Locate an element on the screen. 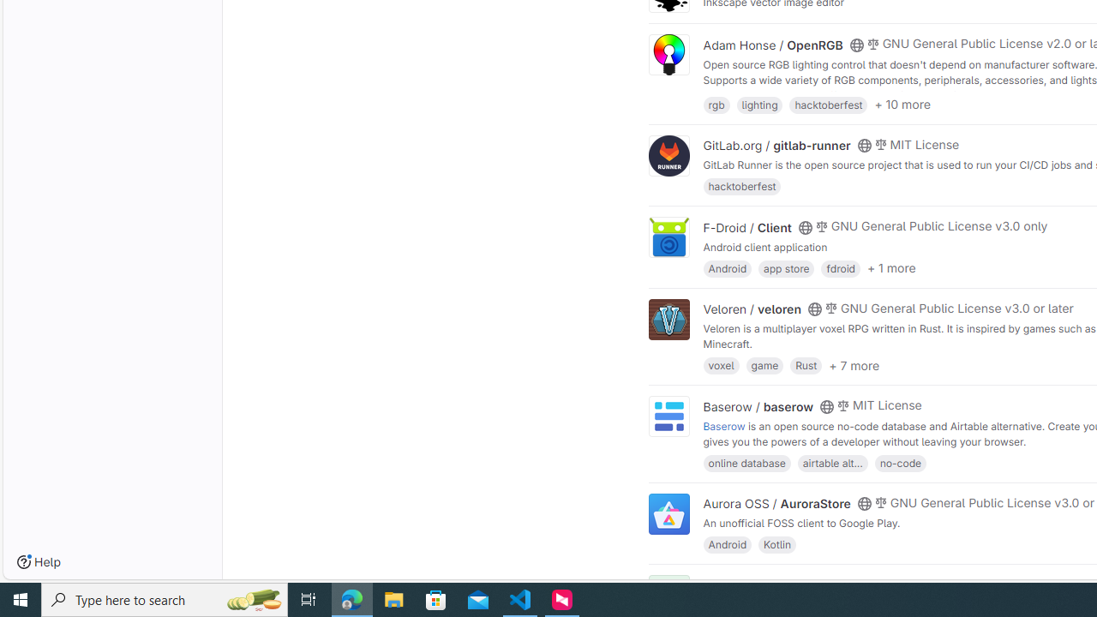 This screenshot has width=1097, height=617. '+ 10 more' is located at coordinates (902, 105).